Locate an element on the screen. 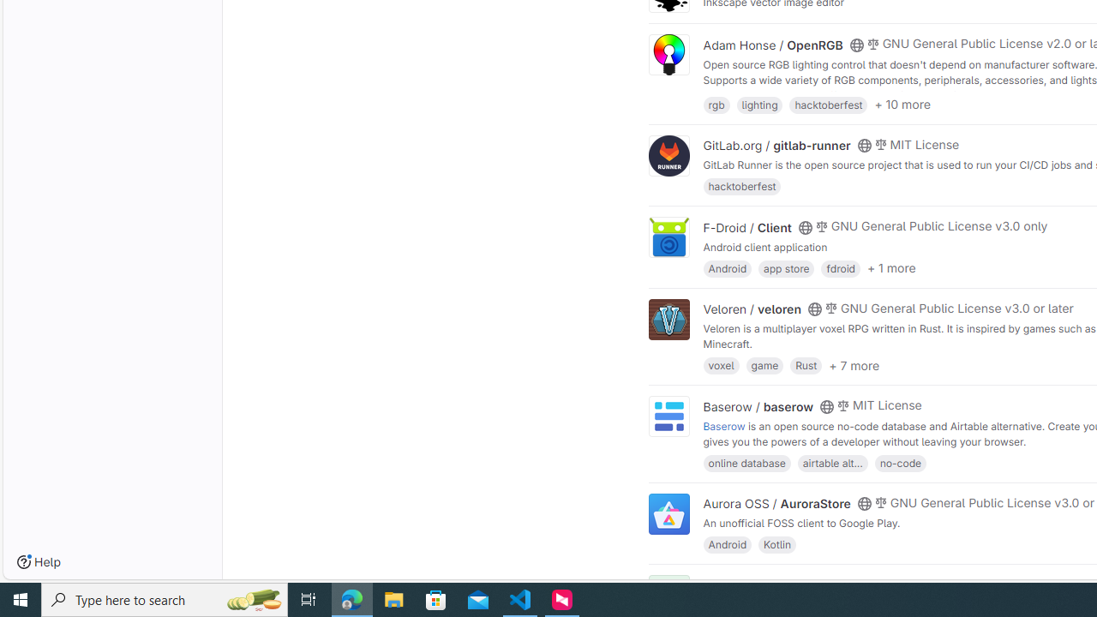 This screenshot has width=1097, height=617. '+ 10 more' is located at coordinates (902, 105).